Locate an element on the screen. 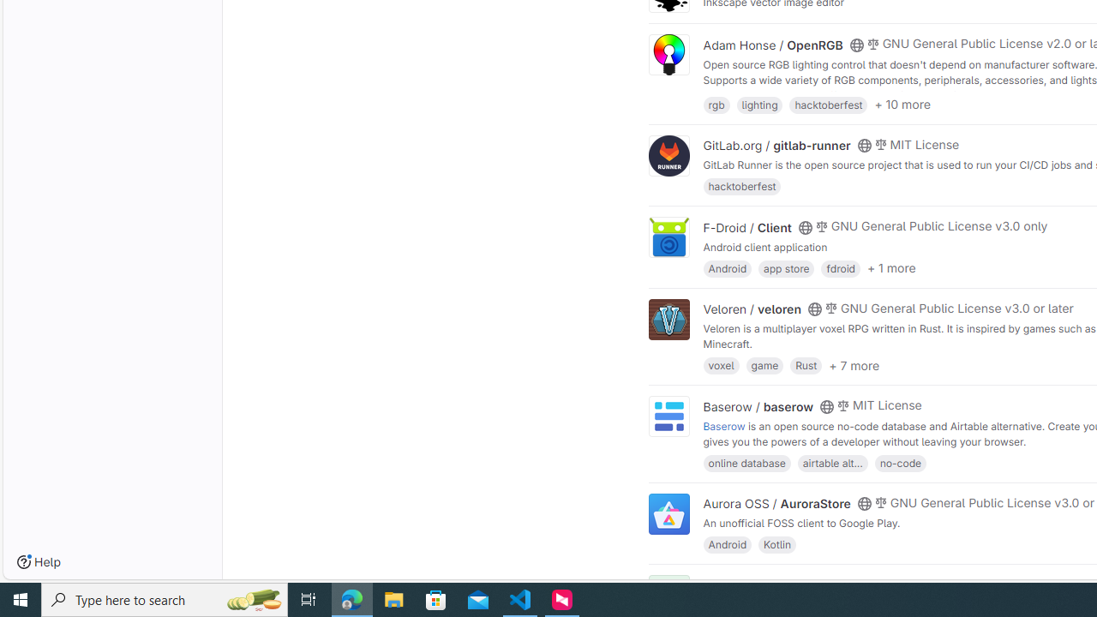 This screenshot has width=1097, height=617. '+ 10 more' is located at coordinates (902, 105).